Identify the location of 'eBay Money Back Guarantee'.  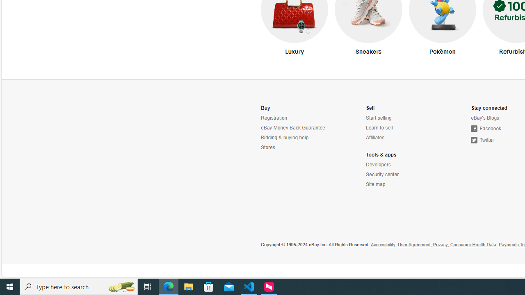
(293, 128).